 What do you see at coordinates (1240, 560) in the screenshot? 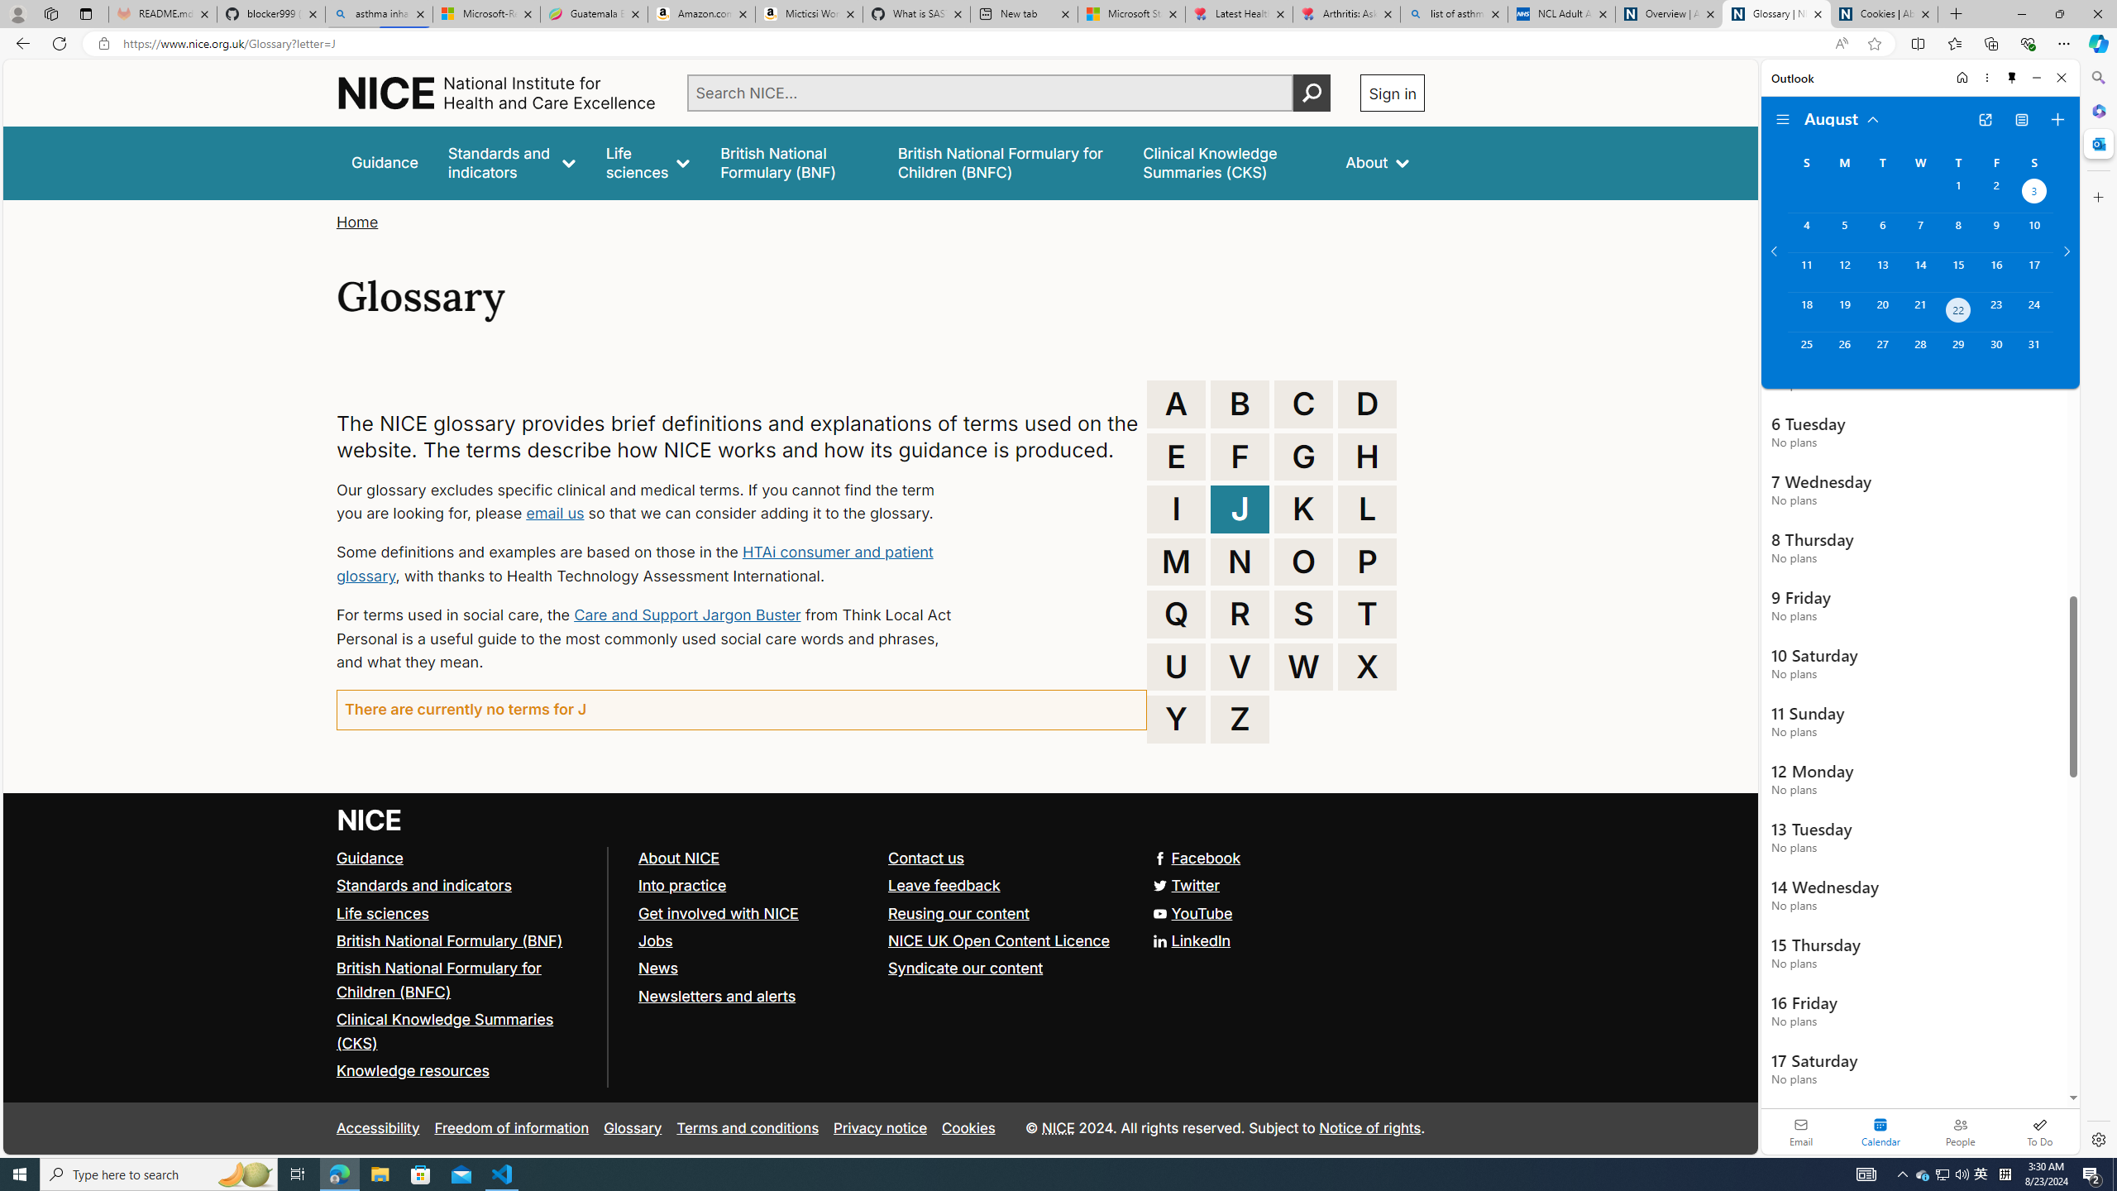
I see `'N'` at bounding box center [1240, 560].